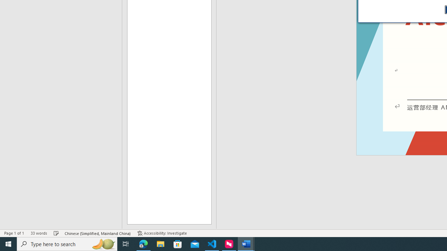 This screenshot has width=447, height=251. What do you see at coordinates (162, 233) in the screenshot?
I see `'Accessibility Checker Accessibility: Investigate'` at bounding box center [162, 233].